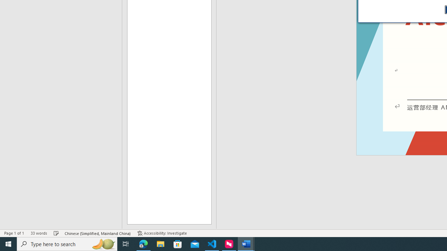 This screenshot has width=447, height=251. What do you see at coordinates (162, 233) in the screenshot?
I see `'Accessibility Checker Accessibility: Investigate'` at bounding box center [162, 233].